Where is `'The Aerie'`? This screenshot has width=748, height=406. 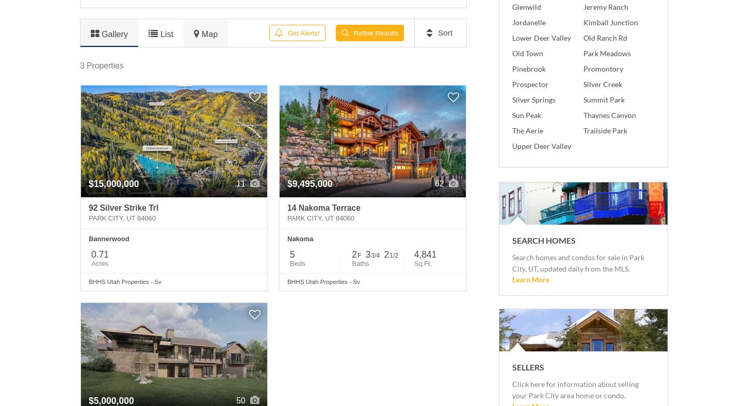 'The Aerie' is located at coordinates (527, 129).